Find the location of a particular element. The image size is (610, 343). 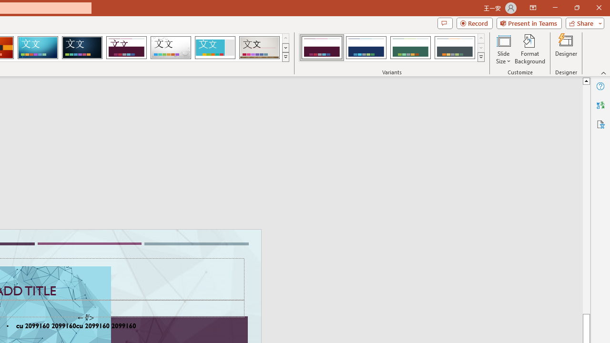

'Format Background' is located at coordinates (529, 49).